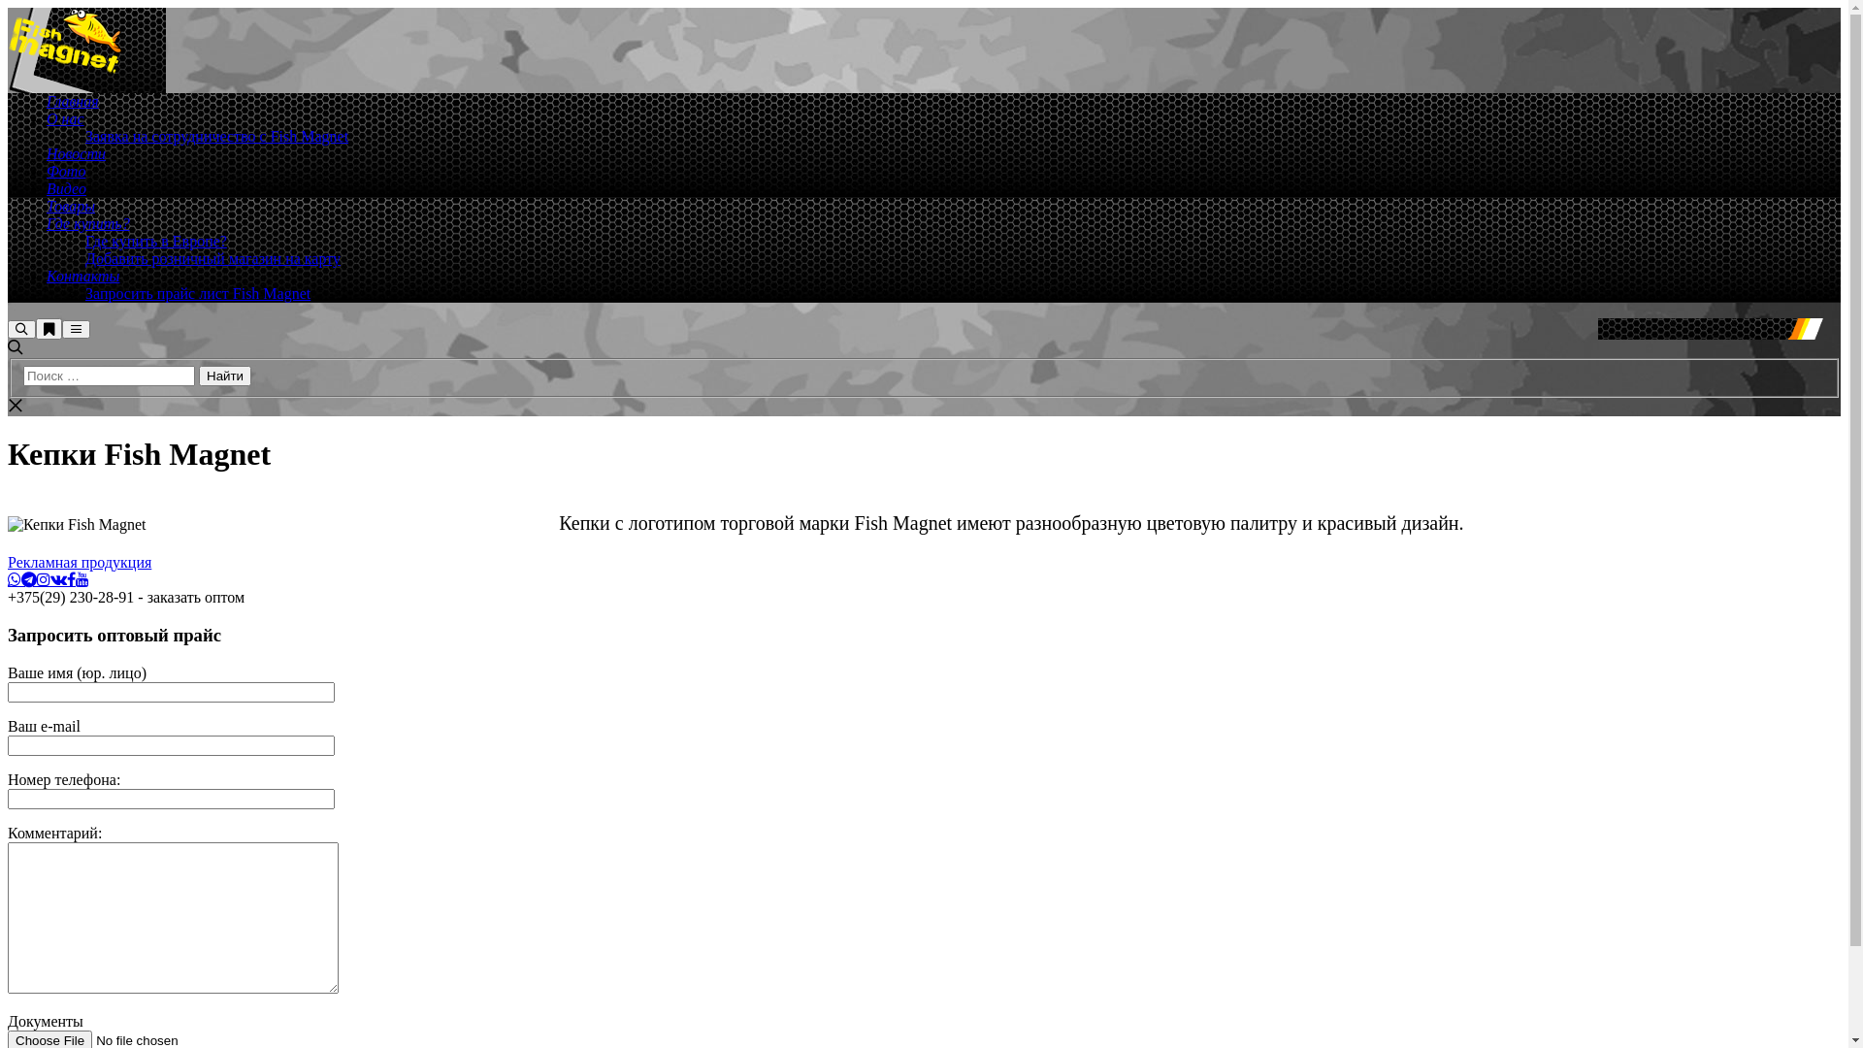 The width and height of the screenshot is (1863, 1048). I want to click on 'YouTube', so click(82, 578).